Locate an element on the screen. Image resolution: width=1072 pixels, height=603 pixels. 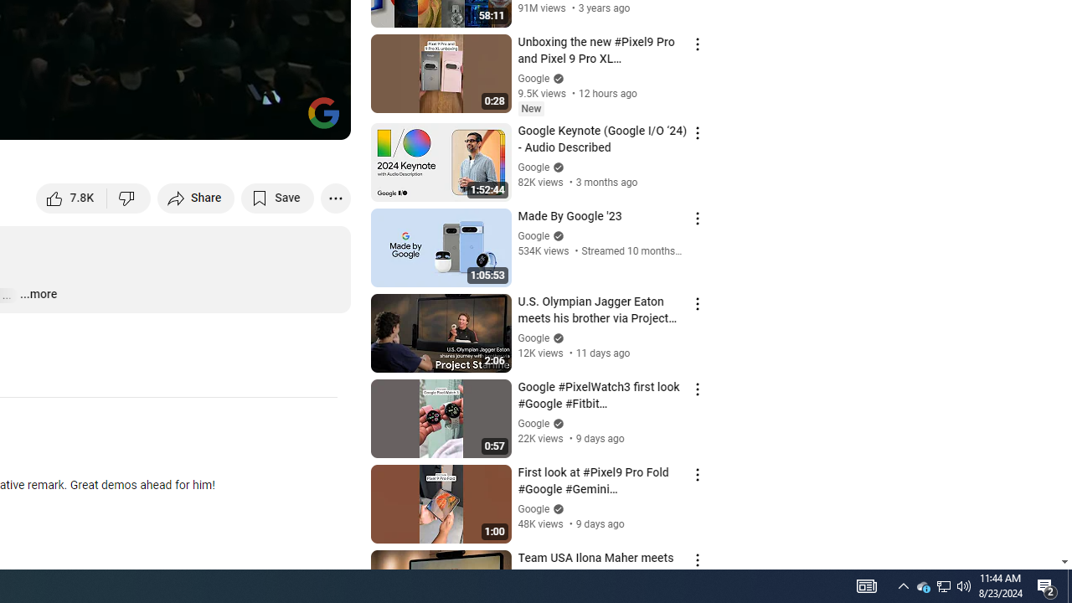
'Channel watermark' is located at coordinates (323, 113).